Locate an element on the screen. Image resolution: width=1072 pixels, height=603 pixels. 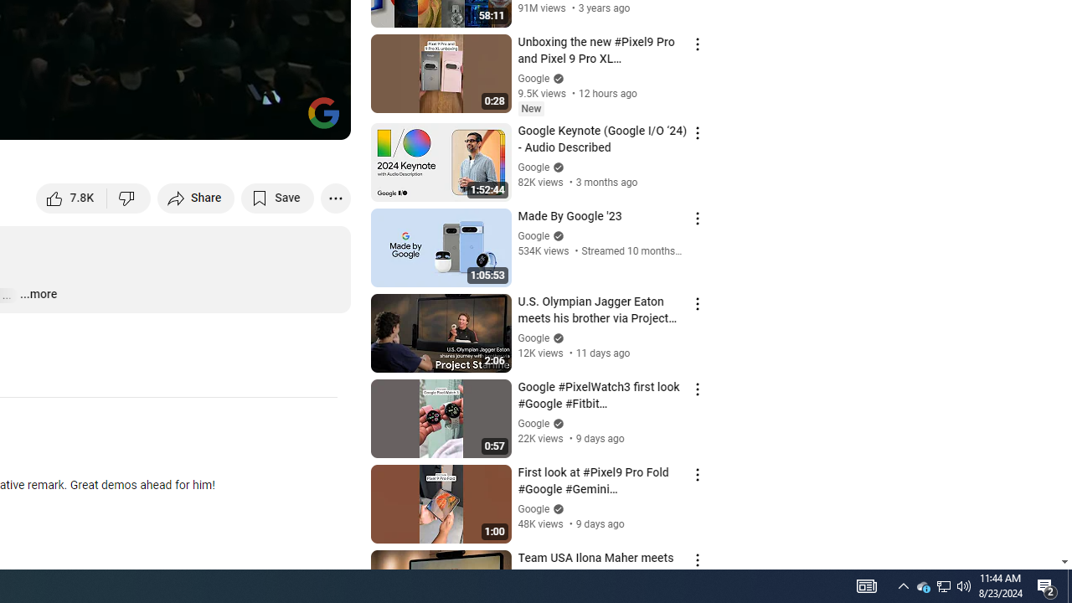
'Channel watermark' is located at coordinates (323, 113).